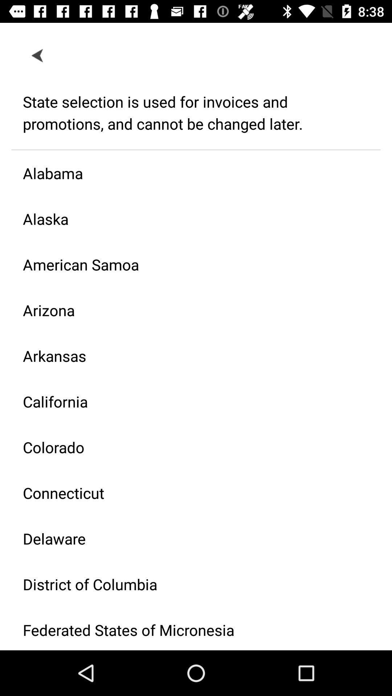 This screenshot has height=696, width=392. What do you see at coordinates (38, 55) in the screenshot?
I see `go back` at bounding box center [38, 55].